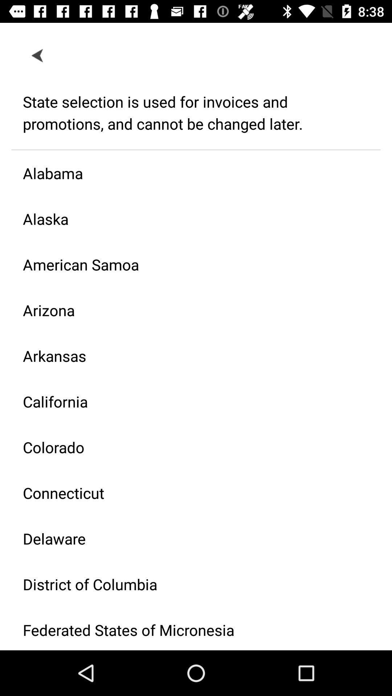 This screenshot has height=696, width=392. What do you see at coordinates (38, 55) in the screenshot?
I see `go back` at bounding box center [38, 55].